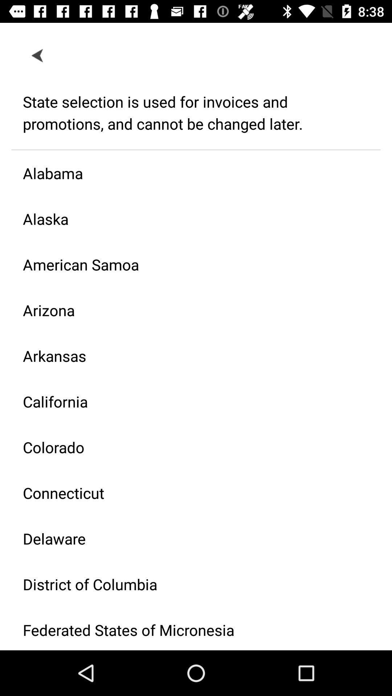 This screenshot has height=696, width=392. What do you see at coordinates (38, 55) in the screenshot?
I see `go back` at bounding box center [38, 55].